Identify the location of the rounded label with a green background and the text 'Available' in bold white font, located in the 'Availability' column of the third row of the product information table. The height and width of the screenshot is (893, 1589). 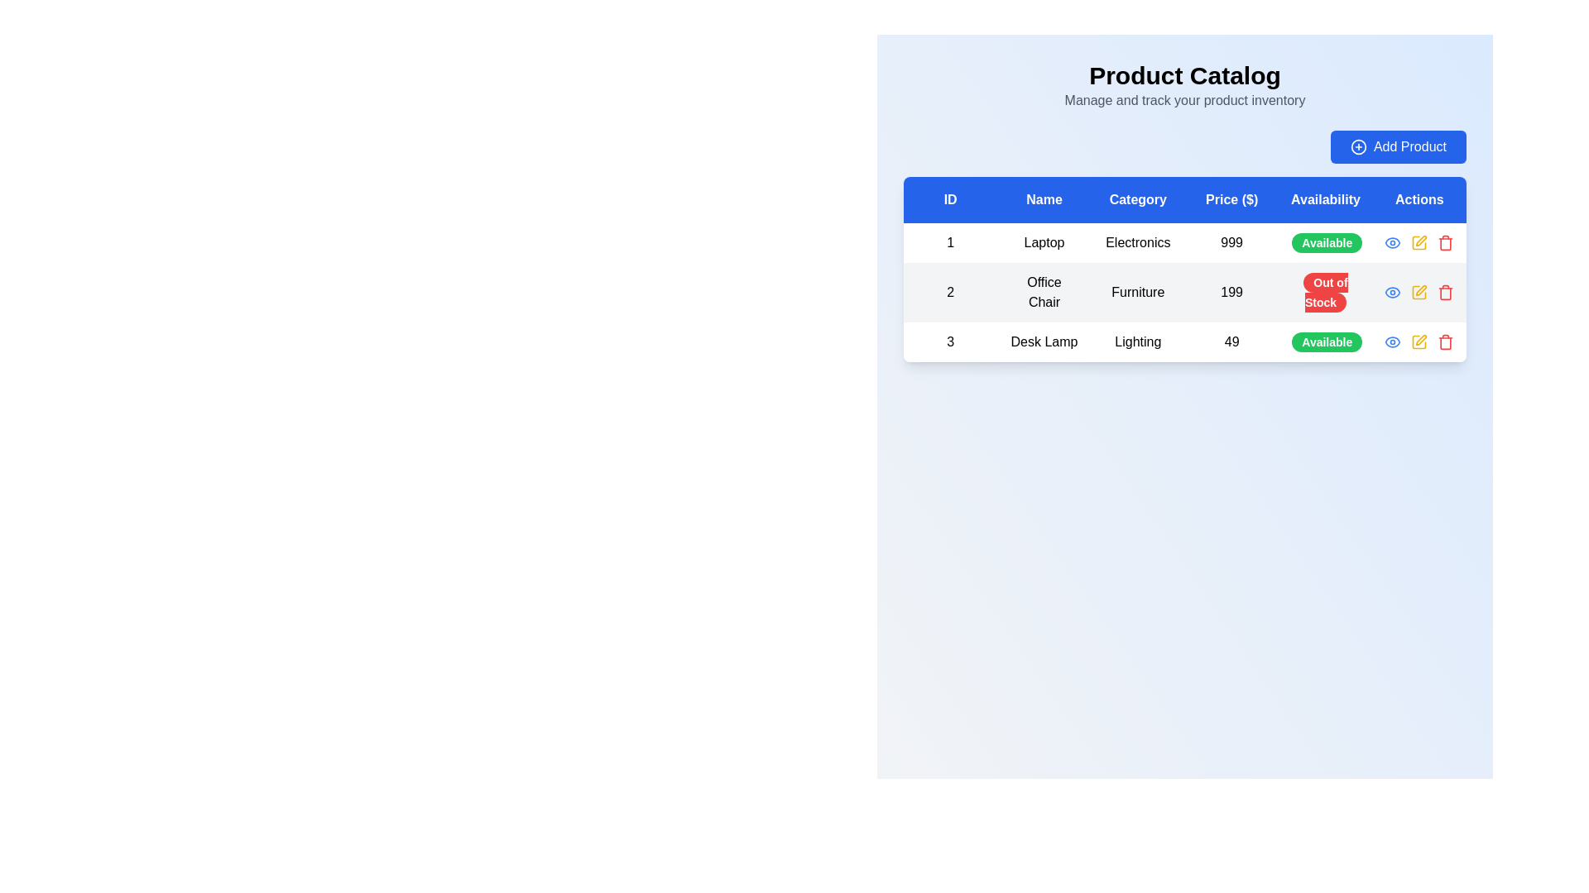
(1327, 341).